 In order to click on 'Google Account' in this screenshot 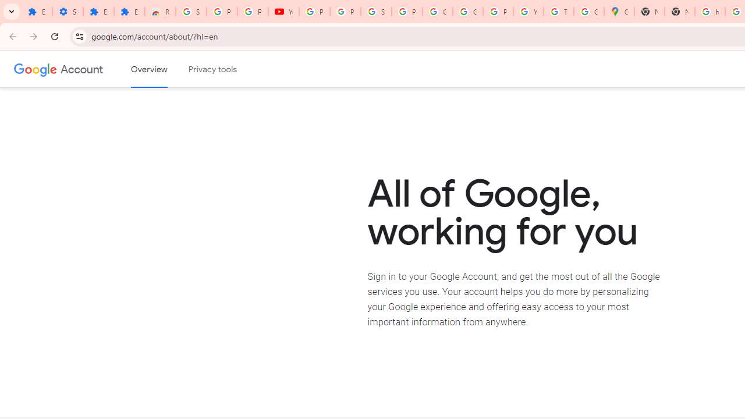, I will do `click(81, 69)`.